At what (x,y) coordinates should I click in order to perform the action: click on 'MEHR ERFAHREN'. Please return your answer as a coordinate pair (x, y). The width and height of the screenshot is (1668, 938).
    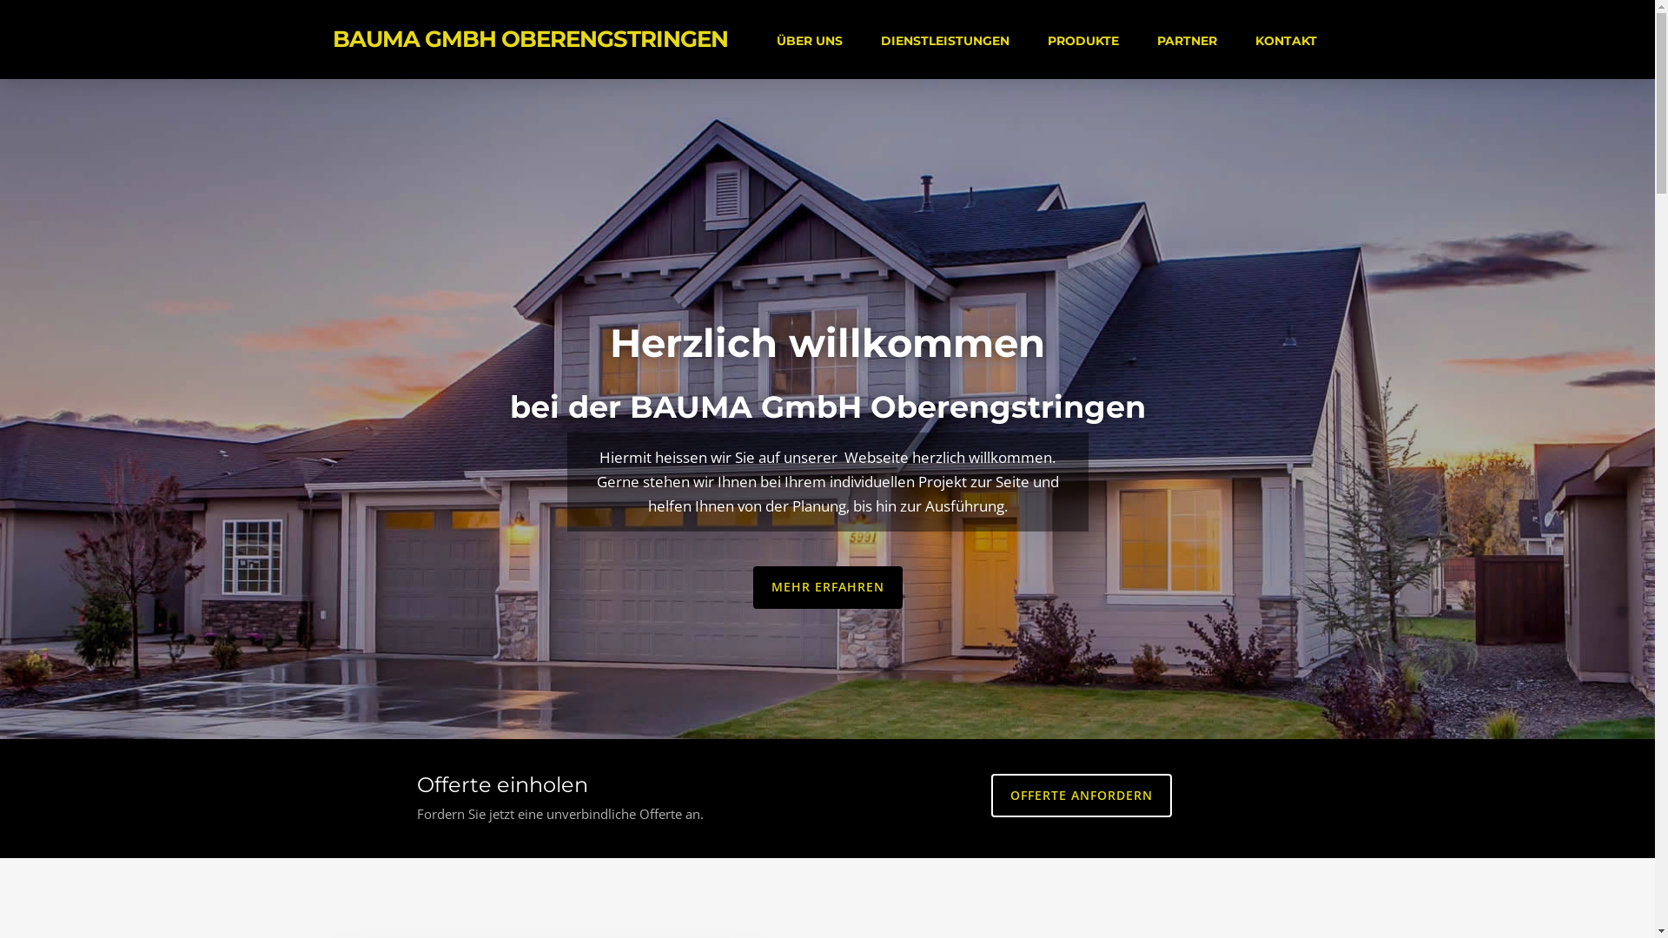
    Looking at the image, I should click on (825, 586).